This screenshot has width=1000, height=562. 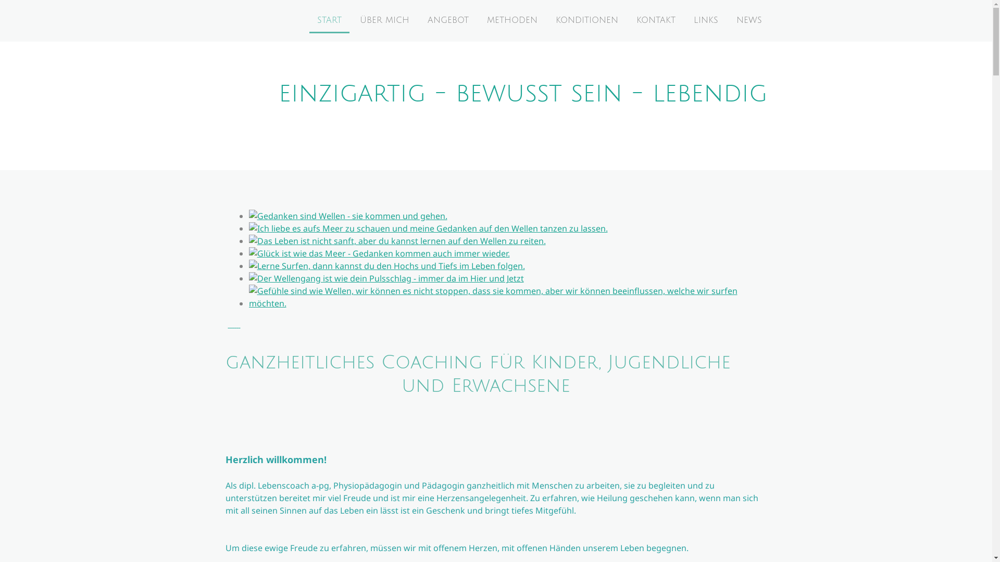 What do you see at coordinates (512, 20) in the screenshot?
I see `'METHODEN'` at bounding box center [512, 20].